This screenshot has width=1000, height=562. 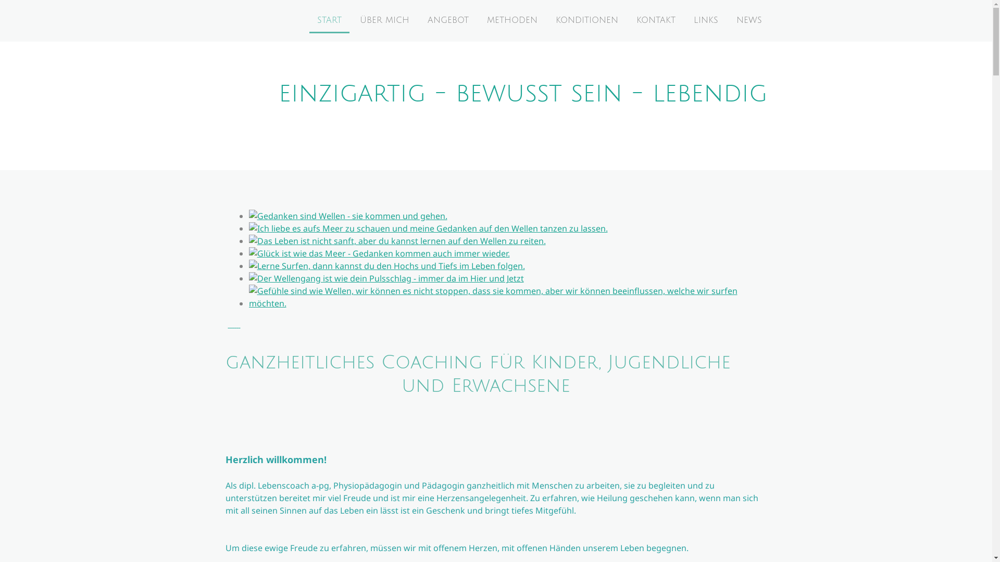 What do you see at coordinates (512, 20) in the screenshot?
I see `'METHODEN'` at bounding box center [512, 20].